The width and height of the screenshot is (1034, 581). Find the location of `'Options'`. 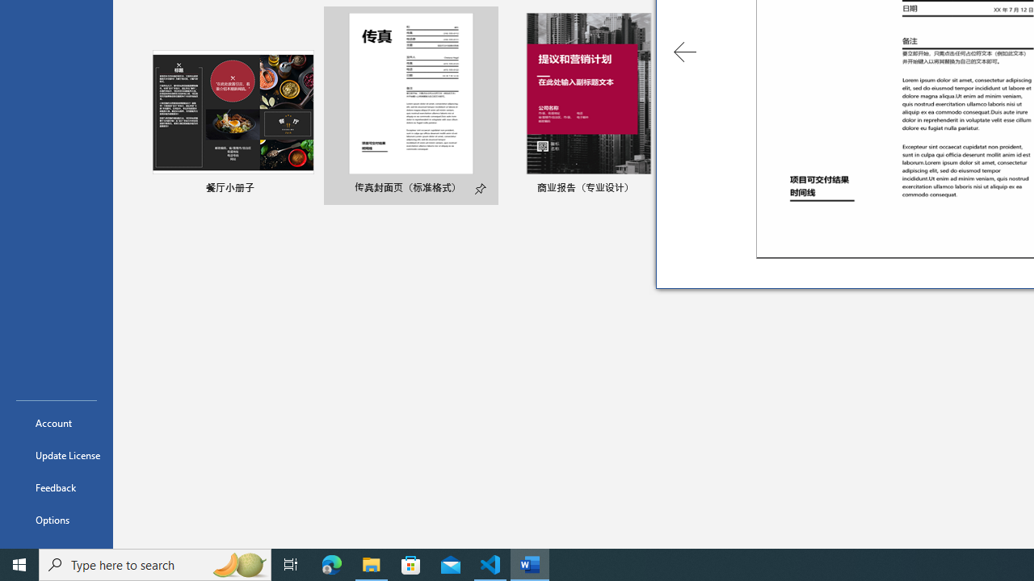

'Options' is located at coordinates (56, 520).